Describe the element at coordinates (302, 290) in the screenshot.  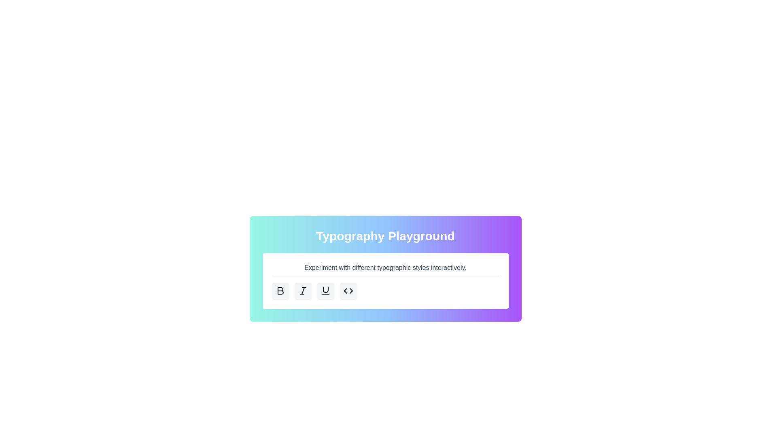
I see `the square button with rounded corners that has a light grey background and an italicized letter 'I' in black` at that location.